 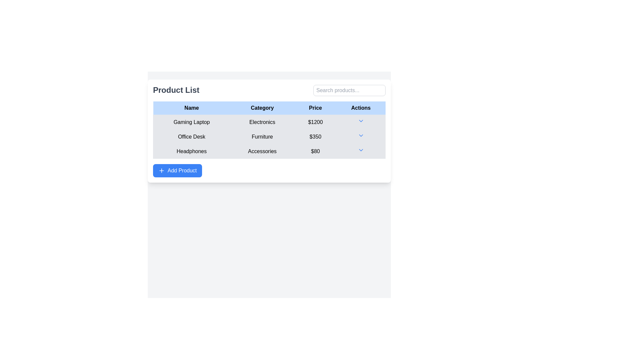 What do you see at coordinates (360, 122) in the screenshot?
I see `the compact triangular arrow icon at the far-right end of the row displaying details about the 'Gaming Laptop'` at bounding box center [360, 122].